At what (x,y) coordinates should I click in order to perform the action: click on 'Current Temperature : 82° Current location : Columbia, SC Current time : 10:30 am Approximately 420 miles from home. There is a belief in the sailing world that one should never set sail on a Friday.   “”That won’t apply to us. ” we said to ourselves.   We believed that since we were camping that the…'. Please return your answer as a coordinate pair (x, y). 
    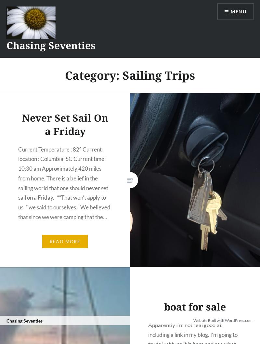
    Looking at the image, I should click on (64, 183).